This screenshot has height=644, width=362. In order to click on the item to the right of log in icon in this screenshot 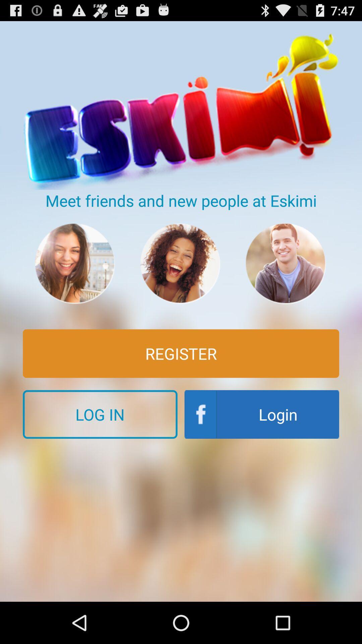, I will do `click(261, 414)`.